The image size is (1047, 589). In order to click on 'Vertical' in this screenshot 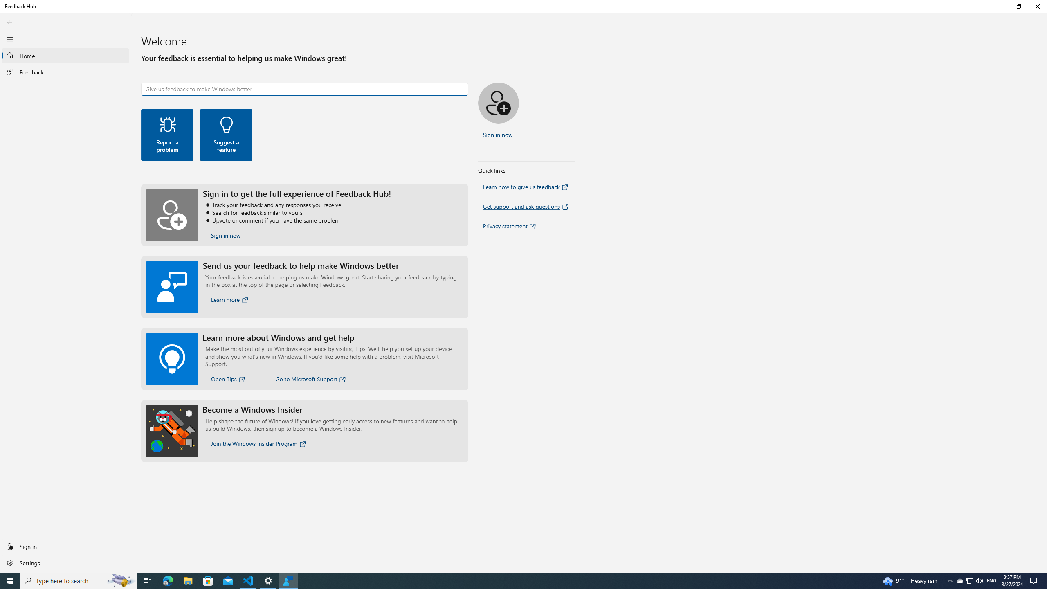, I will do `click(1044, 293)`.